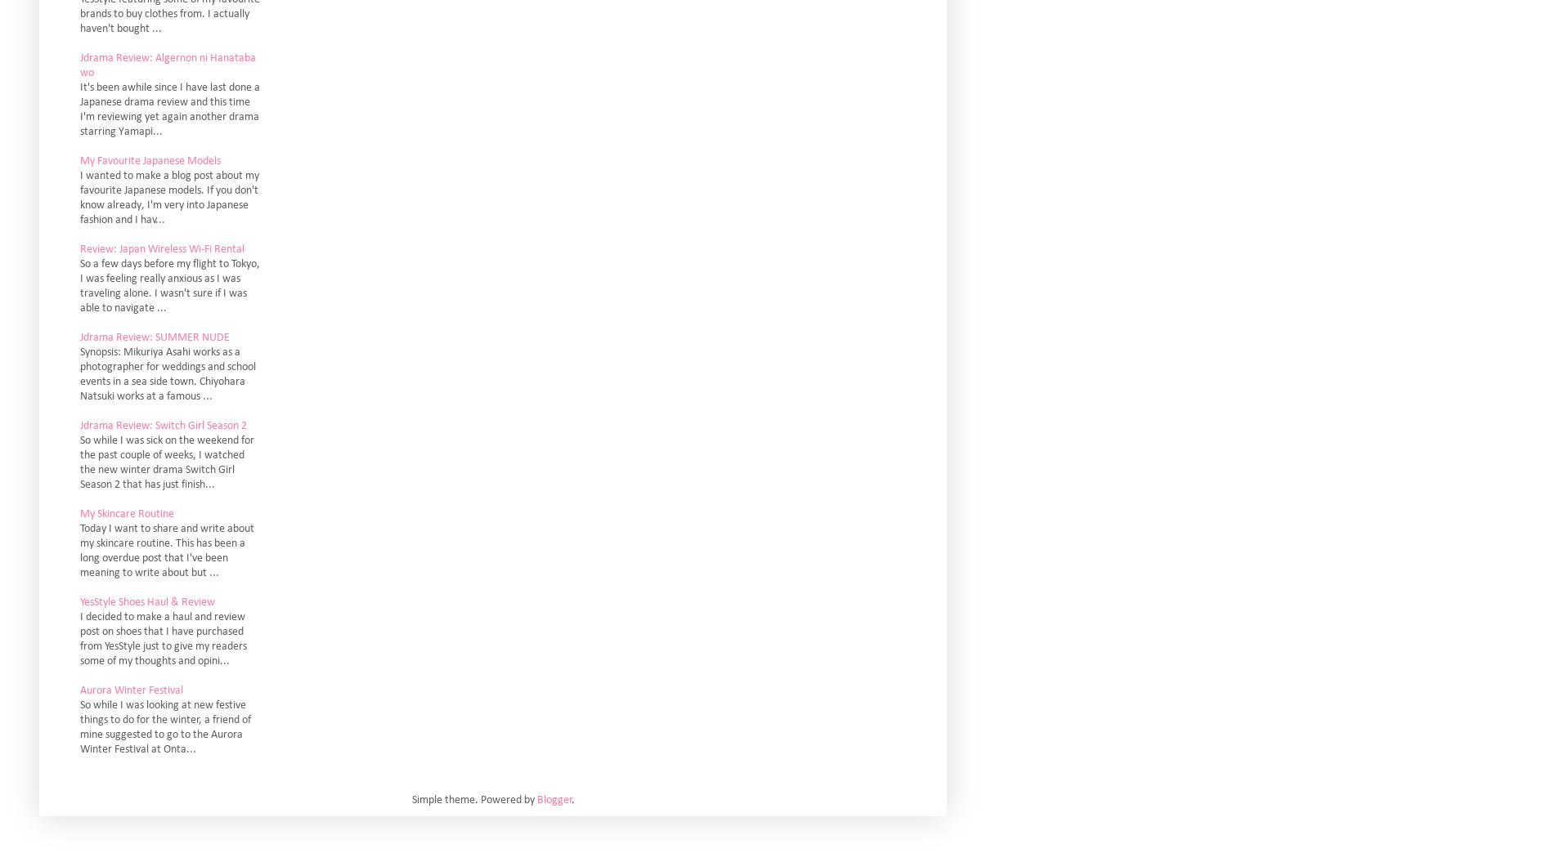  Describe the element at coordinates (167, 373) in the screenshot. I see `'Synopsis:  Mikuriya Asahi works as a photographer for weddings and school events in a sea side town. Chiyohara Natsuki works at a famous ...'` at that location.